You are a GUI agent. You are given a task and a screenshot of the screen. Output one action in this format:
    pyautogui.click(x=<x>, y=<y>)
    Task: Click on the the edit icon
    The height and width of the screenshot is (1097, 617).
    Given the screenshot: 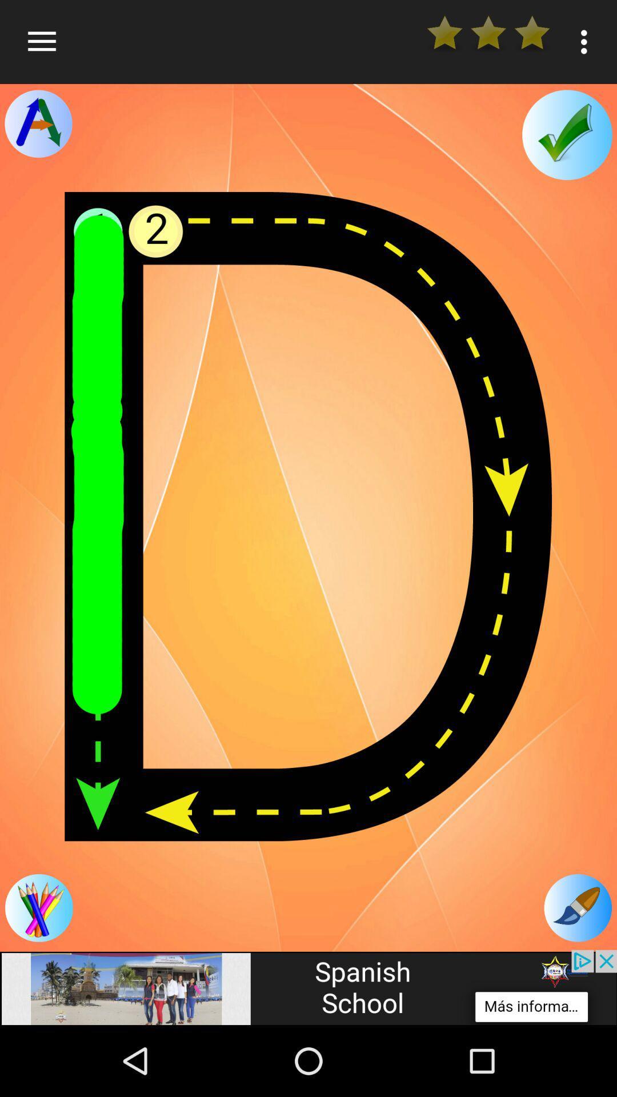 What is the action you would take?
    pyautogui.click(x=578, y=907)
    